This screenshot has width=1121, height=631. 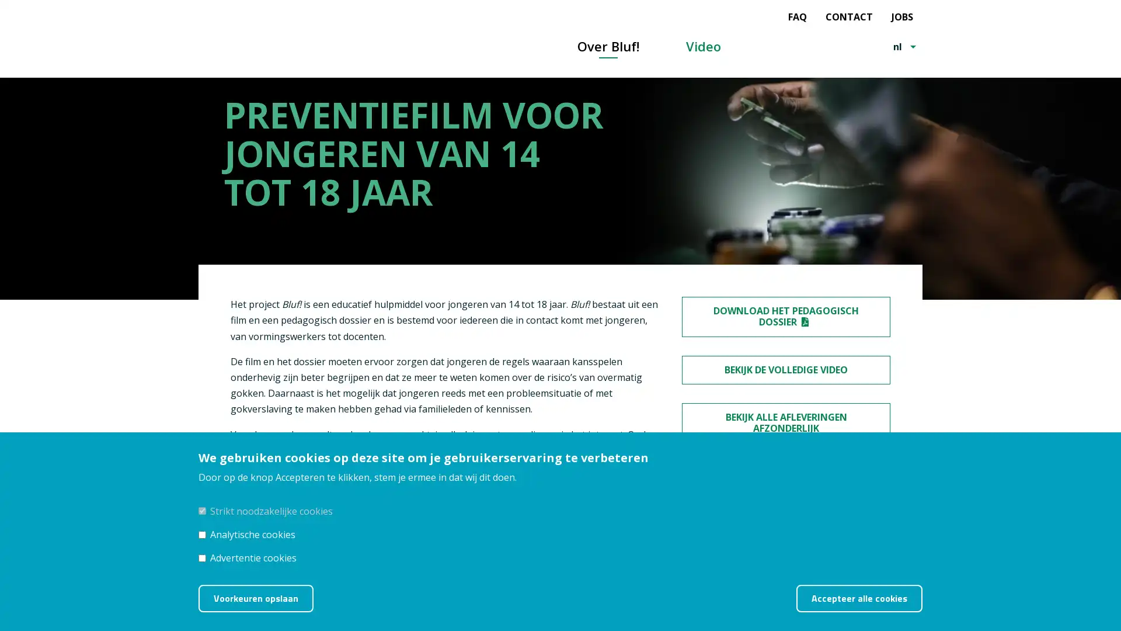 What do you see at coordinates (255, 598) in the screenshot?
I see `Voorkeuren opslaan` at bounding box center [255, 598].